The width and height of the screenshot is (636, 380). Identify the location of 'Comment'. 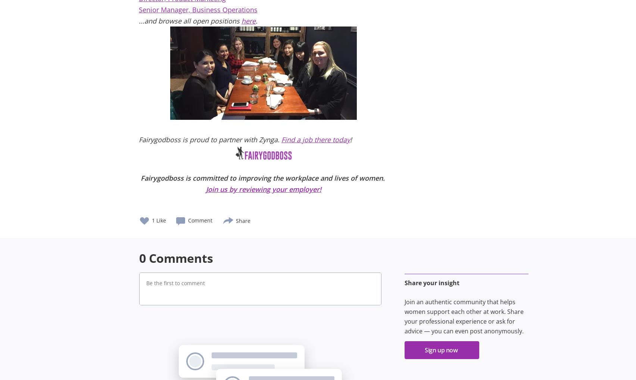
(200, 220).